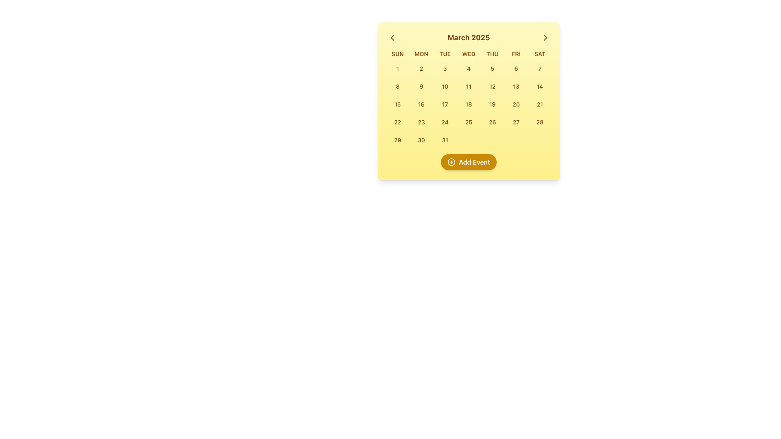 Image resolution: width=781 pixels, height=439 pixels. What do you see at coordinates (421, 86) in the screenshot?
I see `the interactive date cell representing the date '9'` at bounding box center [421, 86].